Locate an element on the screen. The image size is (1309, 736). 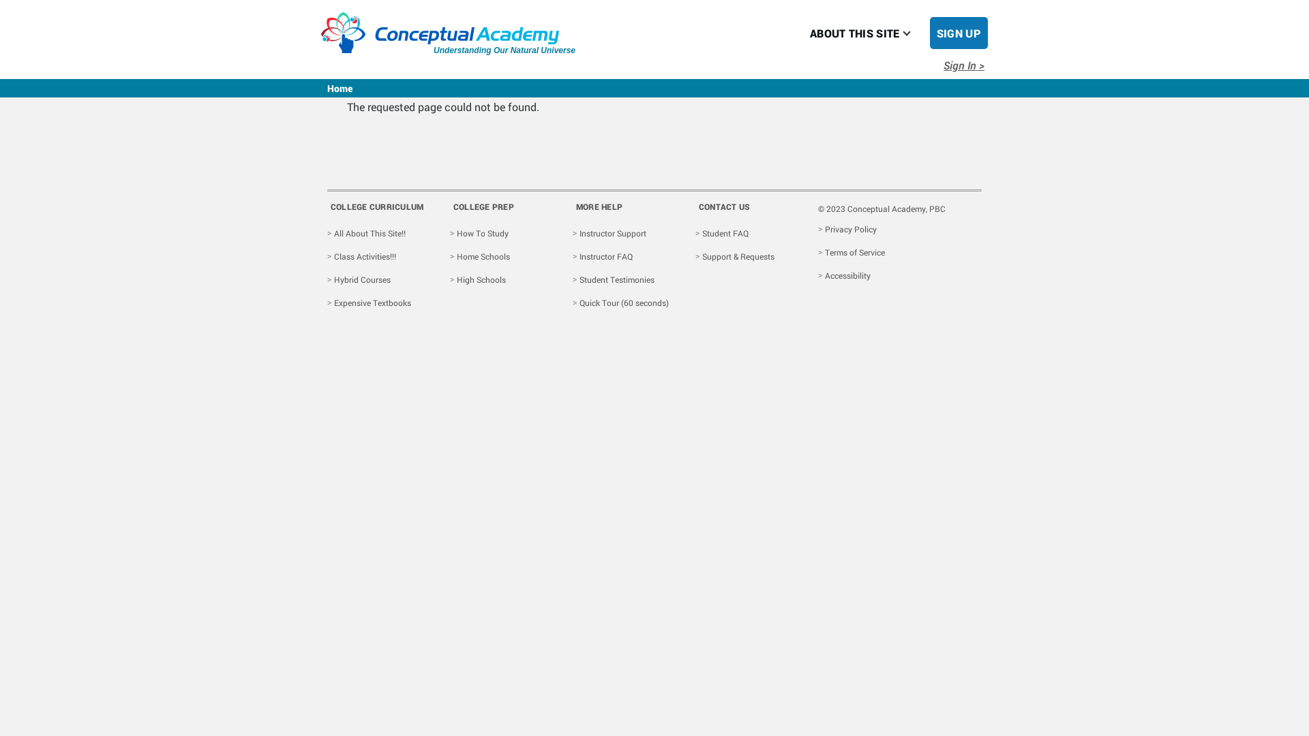
'Home' is located at coordinates (340, 88).